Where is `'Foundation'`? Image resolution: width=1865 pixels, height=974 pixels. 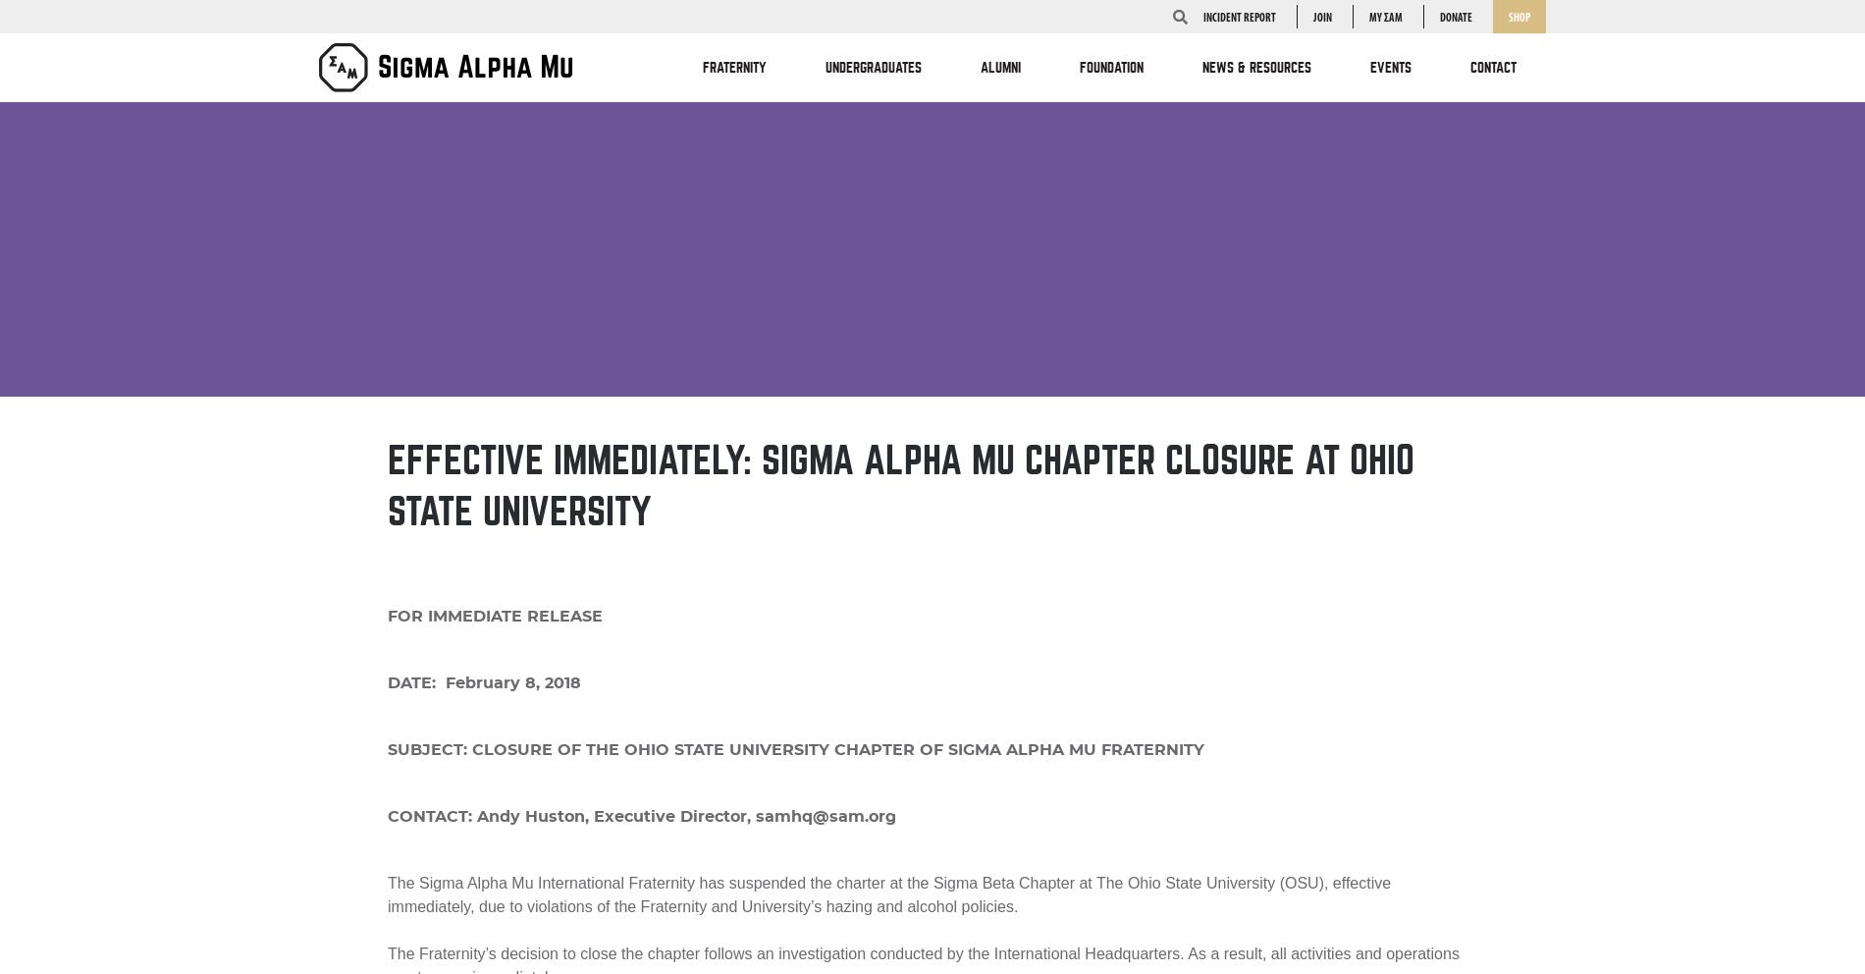 'Foundation' is located at coordinates (1111, 68).